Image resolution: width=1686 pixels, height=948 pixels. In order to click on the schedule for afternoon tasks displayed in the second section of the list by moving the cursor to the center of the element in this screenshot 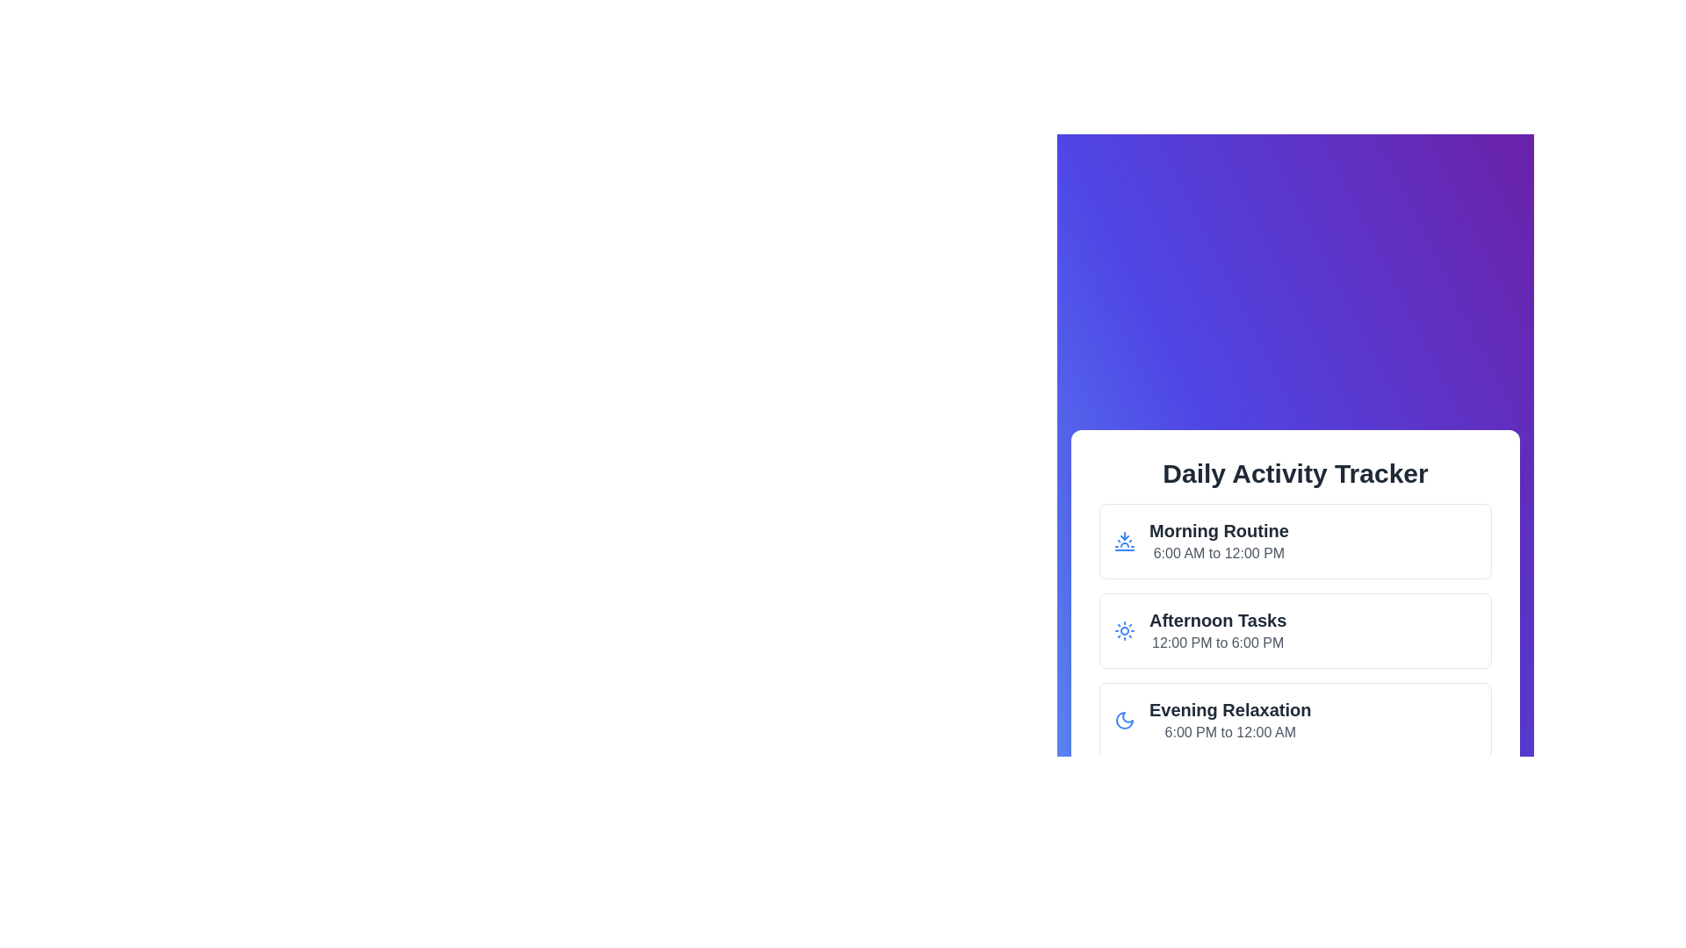, I will do `click(1295, 607)`.